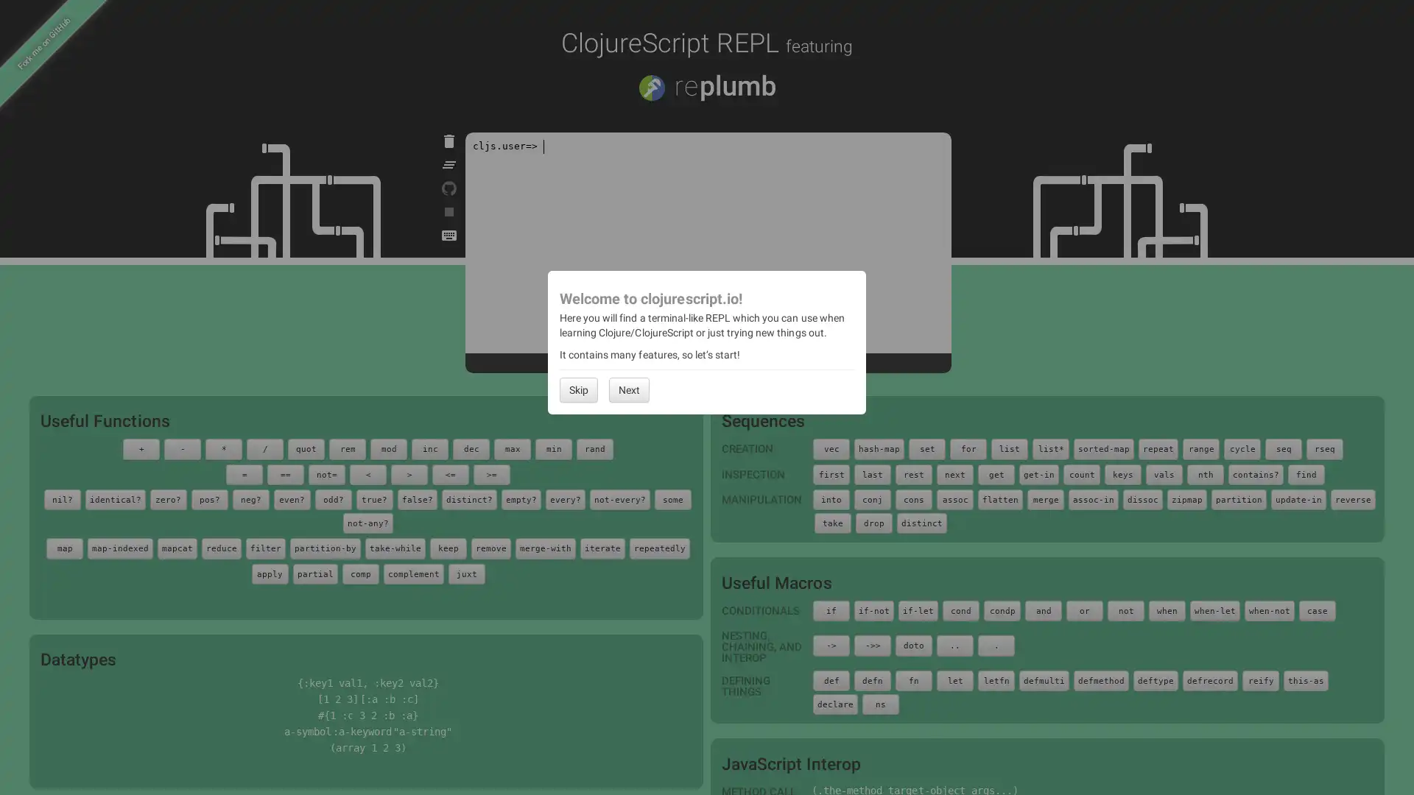  I want to click on even?, so click(291, 498).